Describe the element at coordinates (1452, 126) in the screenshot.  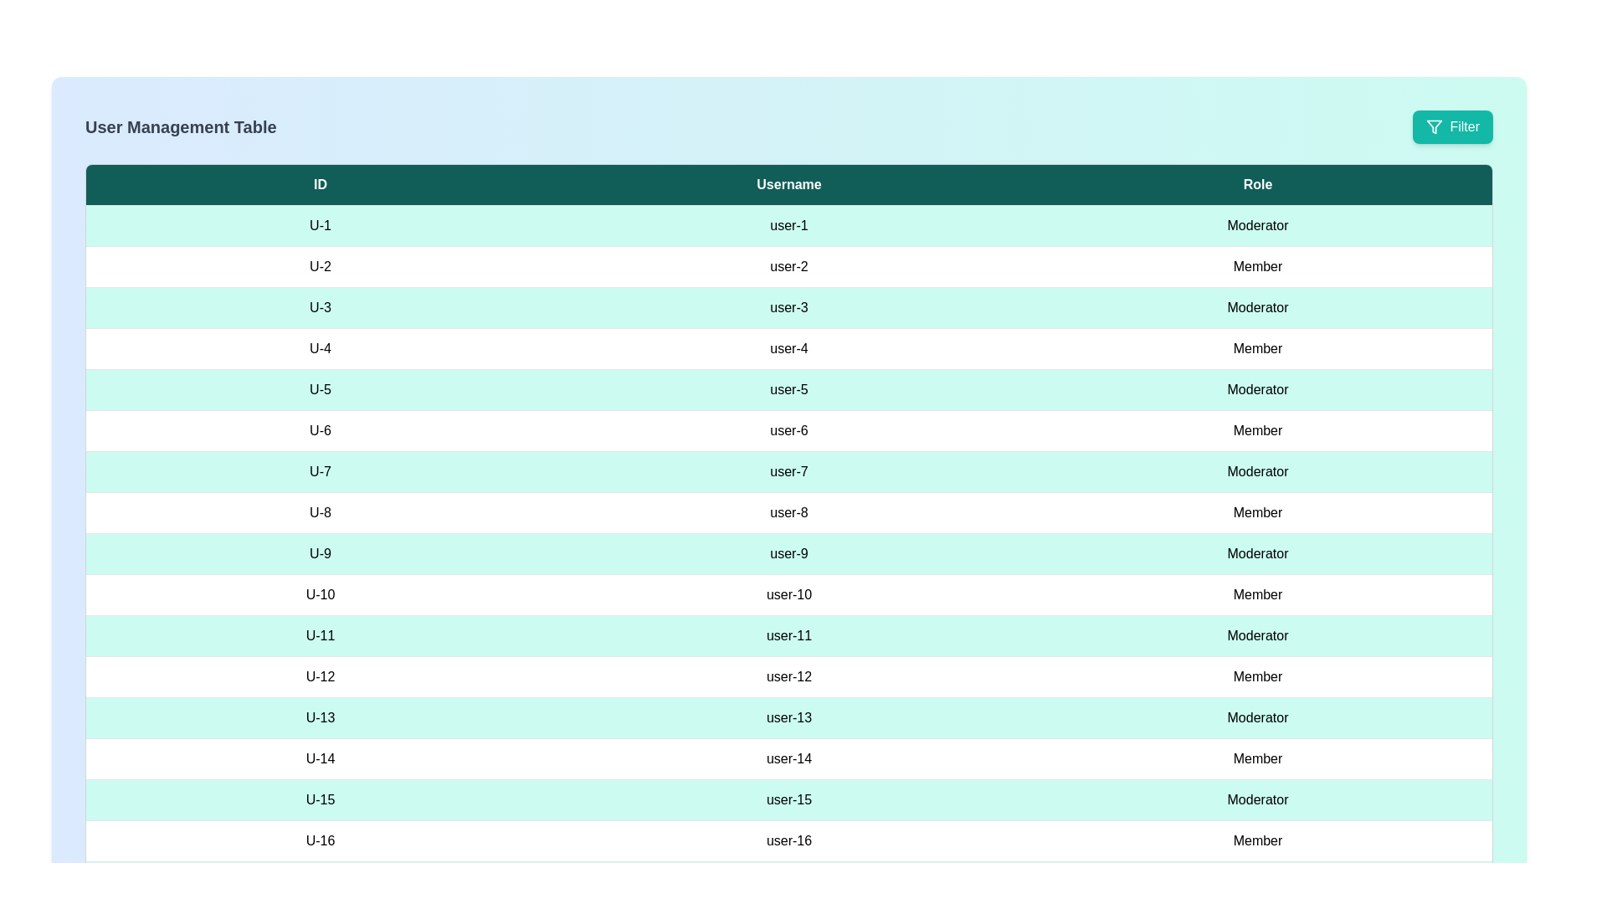
I see `'Filter' button to open the filtering interface` at that location.